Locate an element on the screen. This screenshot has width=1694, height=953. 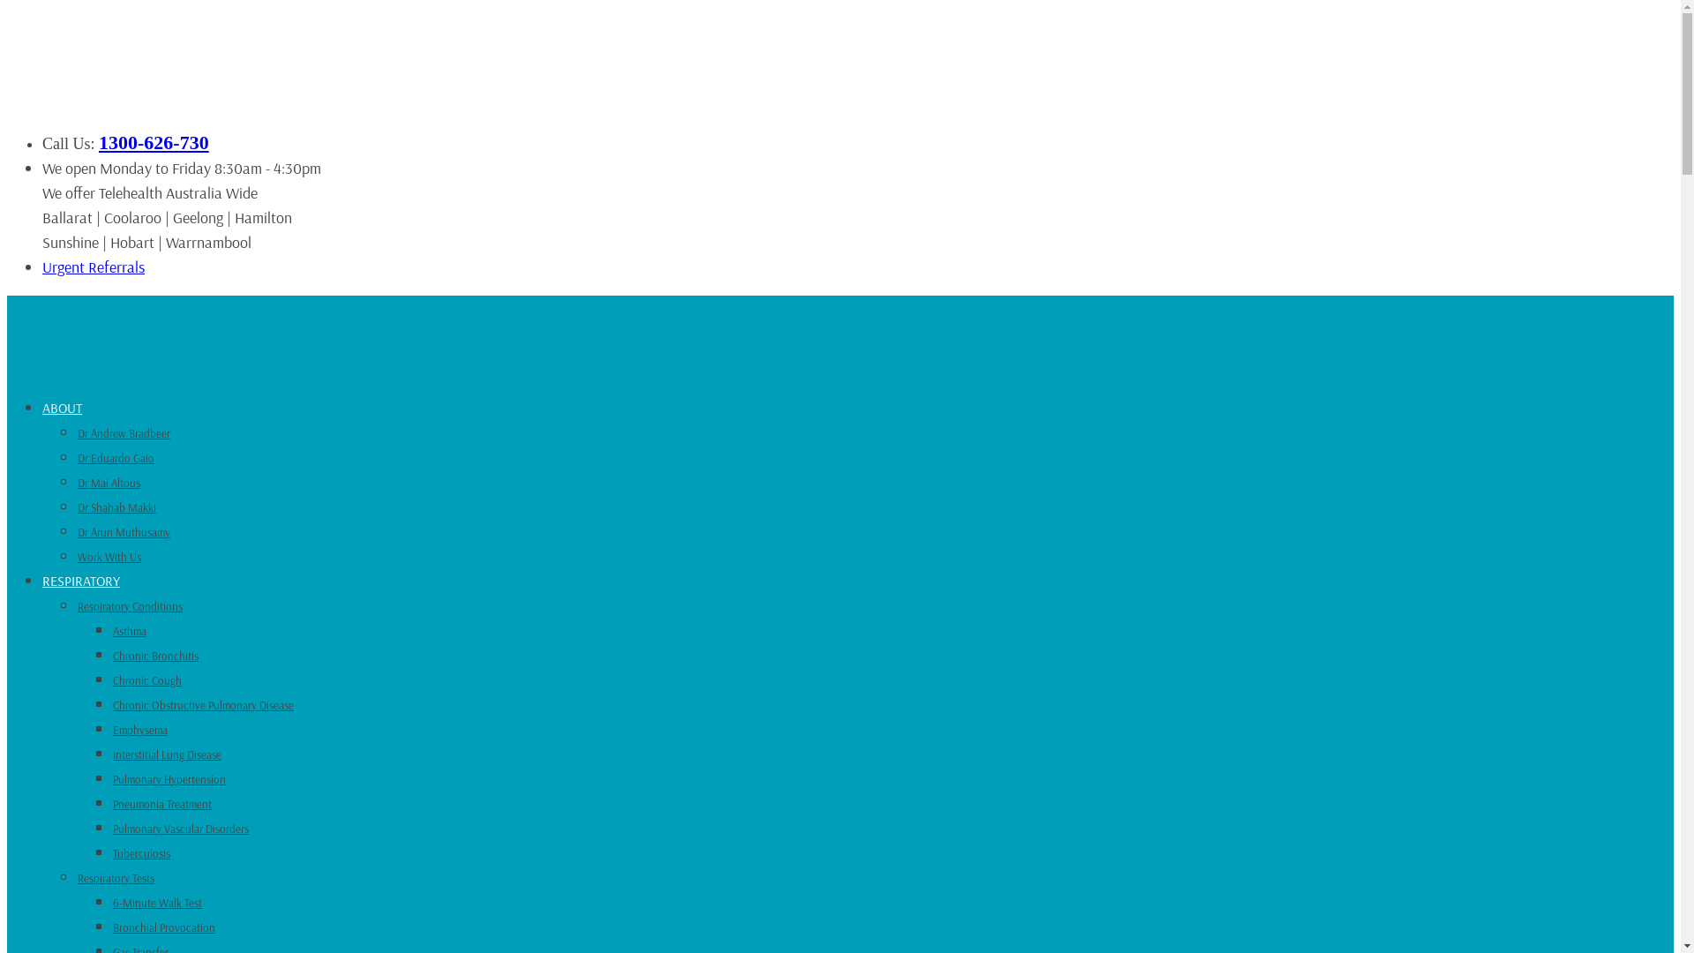
'Chronic Bronchitis' is located at coordinates (155, 656).